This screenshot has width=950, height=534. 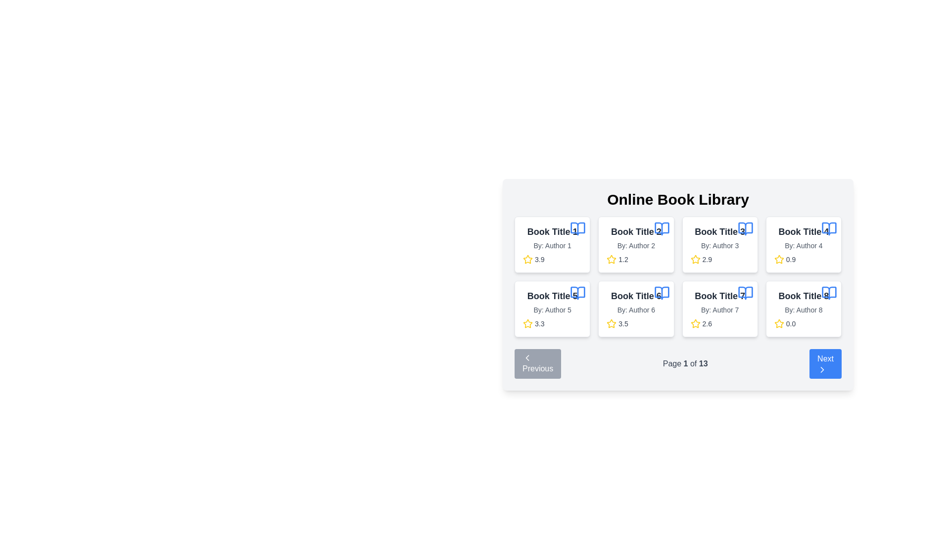 I want to click on the average rating score text located to the right of the star icon within the seventh book's grid item in the library interface for additional info, so click(x=707, y=324).